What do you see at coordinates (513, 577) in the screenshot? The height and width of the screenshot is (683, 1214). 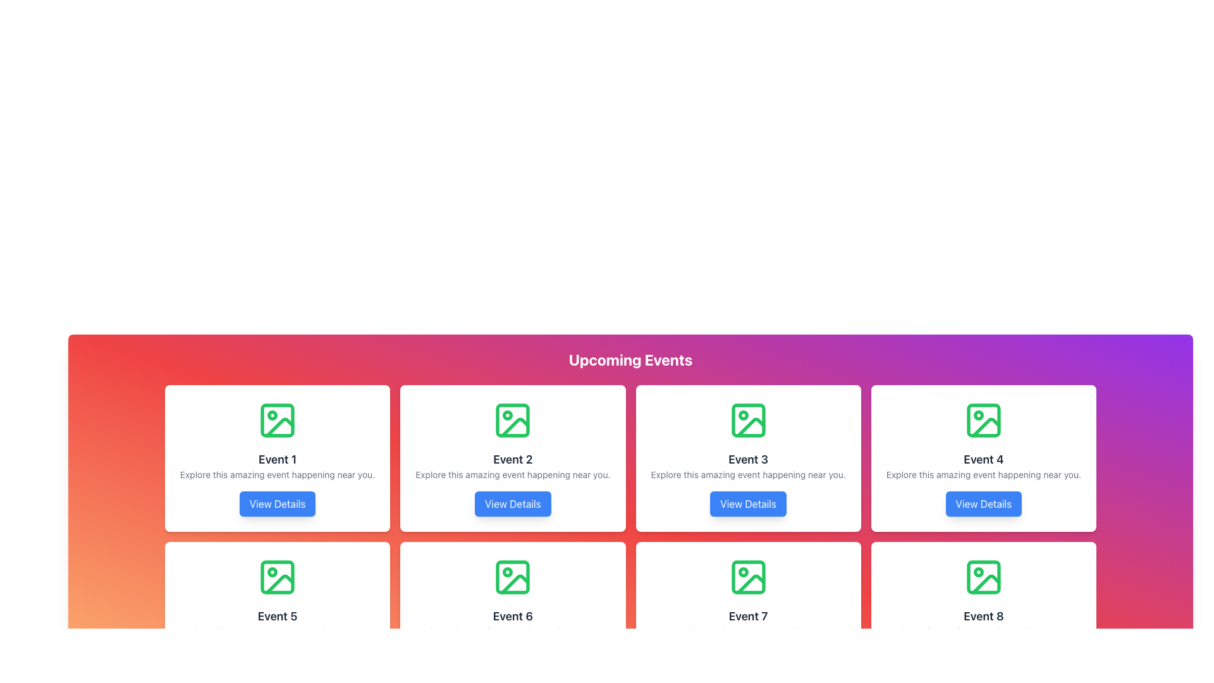 I see `the decorative icon representing the image for 'Event 6', located in the second row, second column of the grid of cards` at bounding box center [513, 577].